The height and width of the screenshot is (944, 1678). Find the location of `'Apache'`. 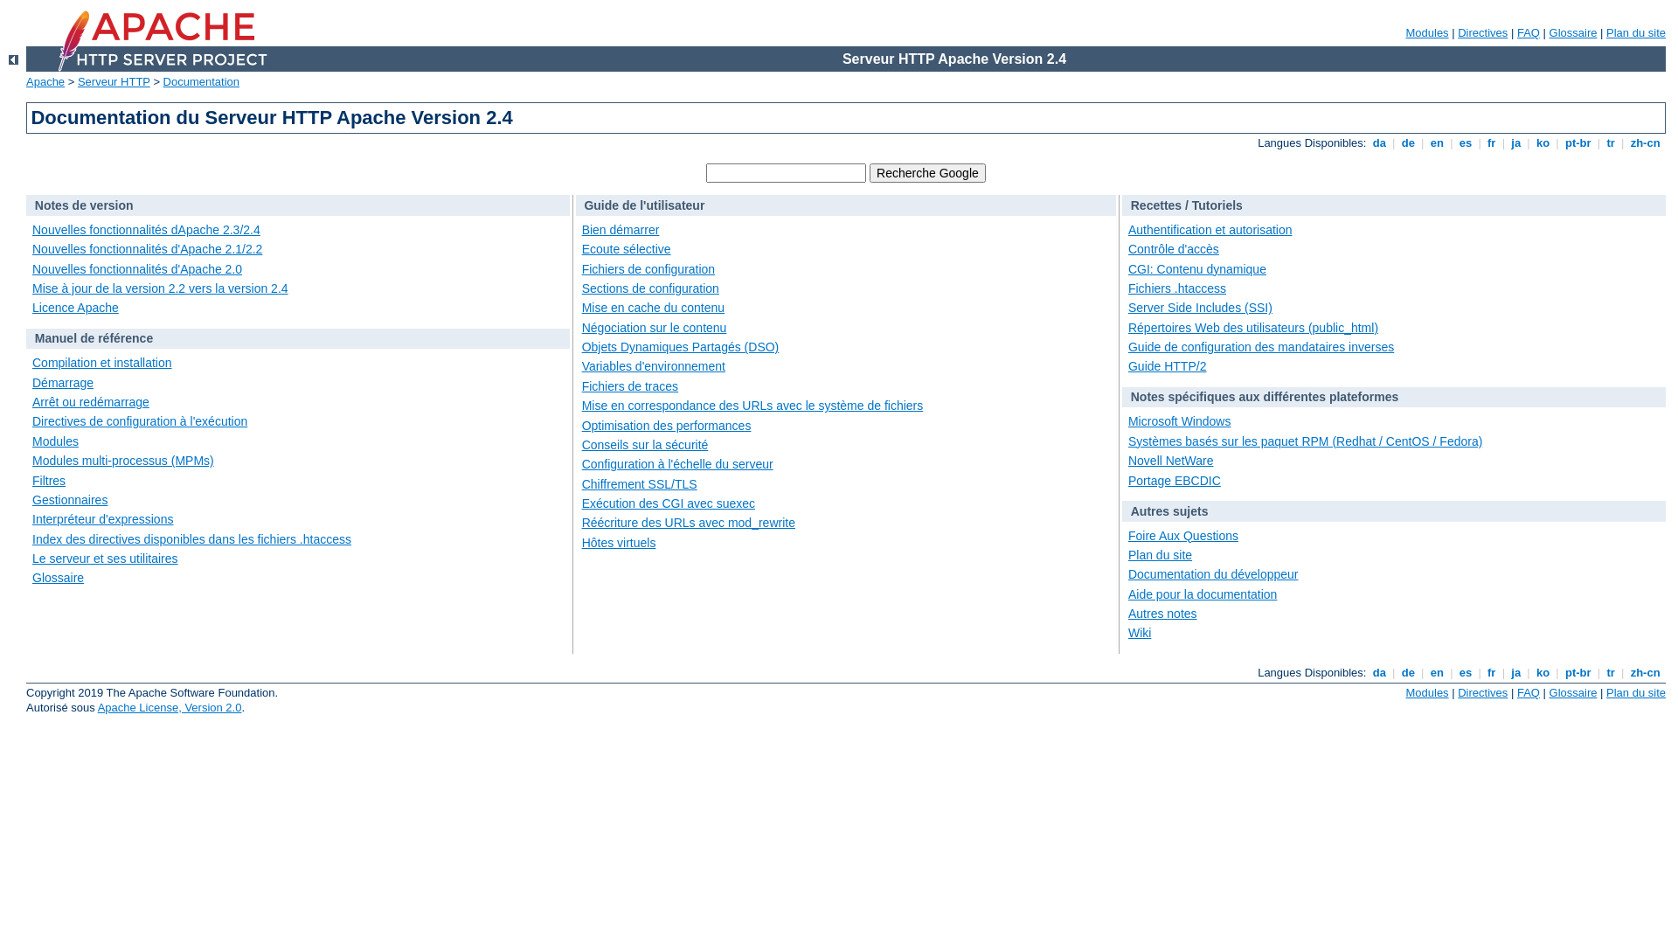

'Apache' is located at coordinates (25, 81).